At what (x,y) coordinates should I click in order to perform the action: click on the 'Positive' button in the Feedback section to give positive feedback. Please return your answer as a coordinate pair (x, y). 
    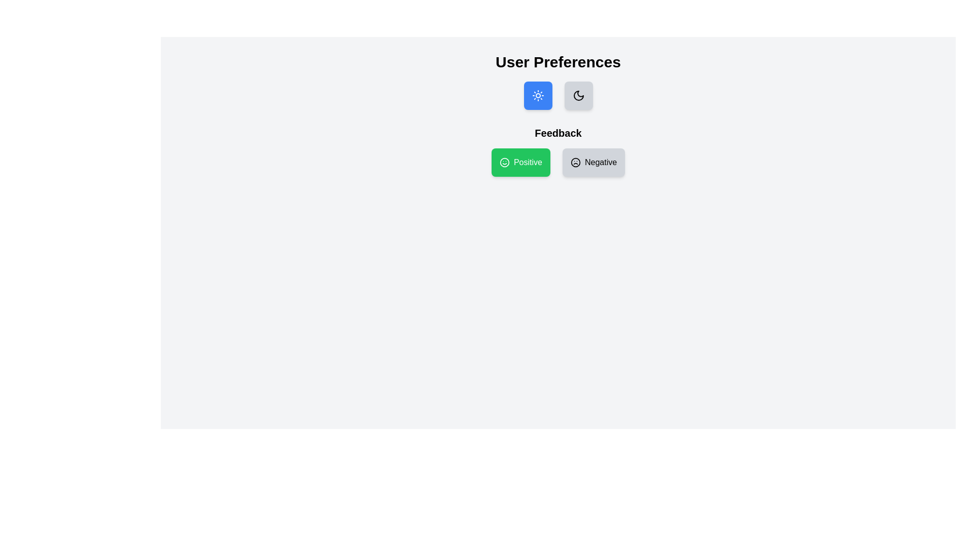
    Looking at the image, I should click on (558, 151).